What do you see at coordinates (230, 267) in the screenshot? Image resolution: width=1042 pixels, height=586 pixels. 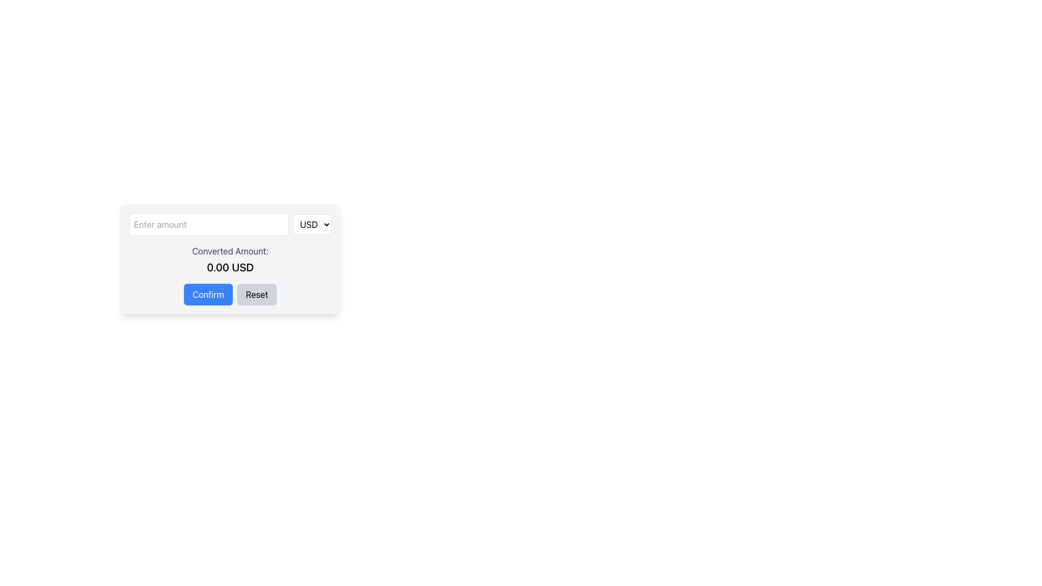 I see `the Text Label that displays the converted amount of currency in USD, located directly below the label 'Converted Amount:' in the user interface` at bounding box center [230, 267].